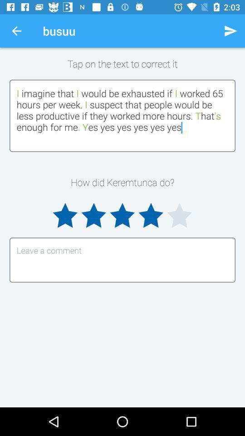 This screenshot has width=245, height=436. Describe the element at coordinates (230, 31) in the screenshot. I see `the item above tap on the icon` at that location.